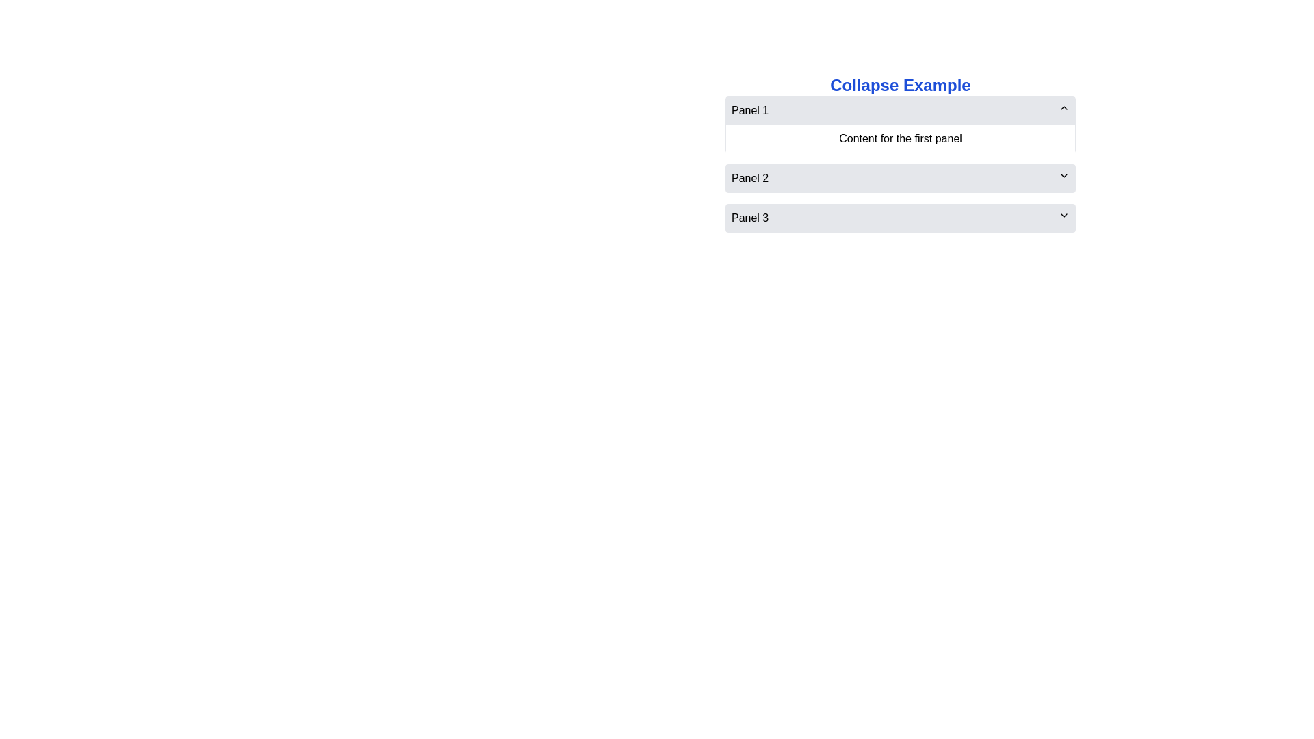 Image resolution: width=1314 pixels, height=739 pixels. I want to click on text displayed in the Text Label that shows 'Panel 2', which is part of the second collapsible panel in a list of panels, so click(749, 178).